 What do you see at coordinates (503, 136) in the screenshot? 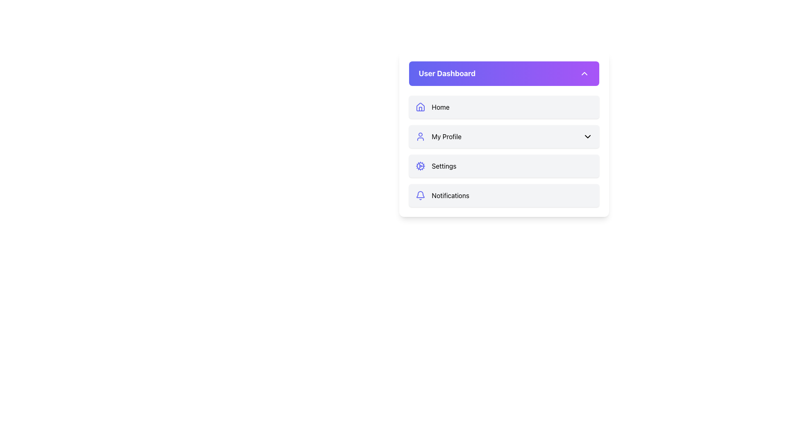
I see `the 'My Profile' menu item, which is the second item in the vertically stacked list of menu options` at bounding box center [503, 136].